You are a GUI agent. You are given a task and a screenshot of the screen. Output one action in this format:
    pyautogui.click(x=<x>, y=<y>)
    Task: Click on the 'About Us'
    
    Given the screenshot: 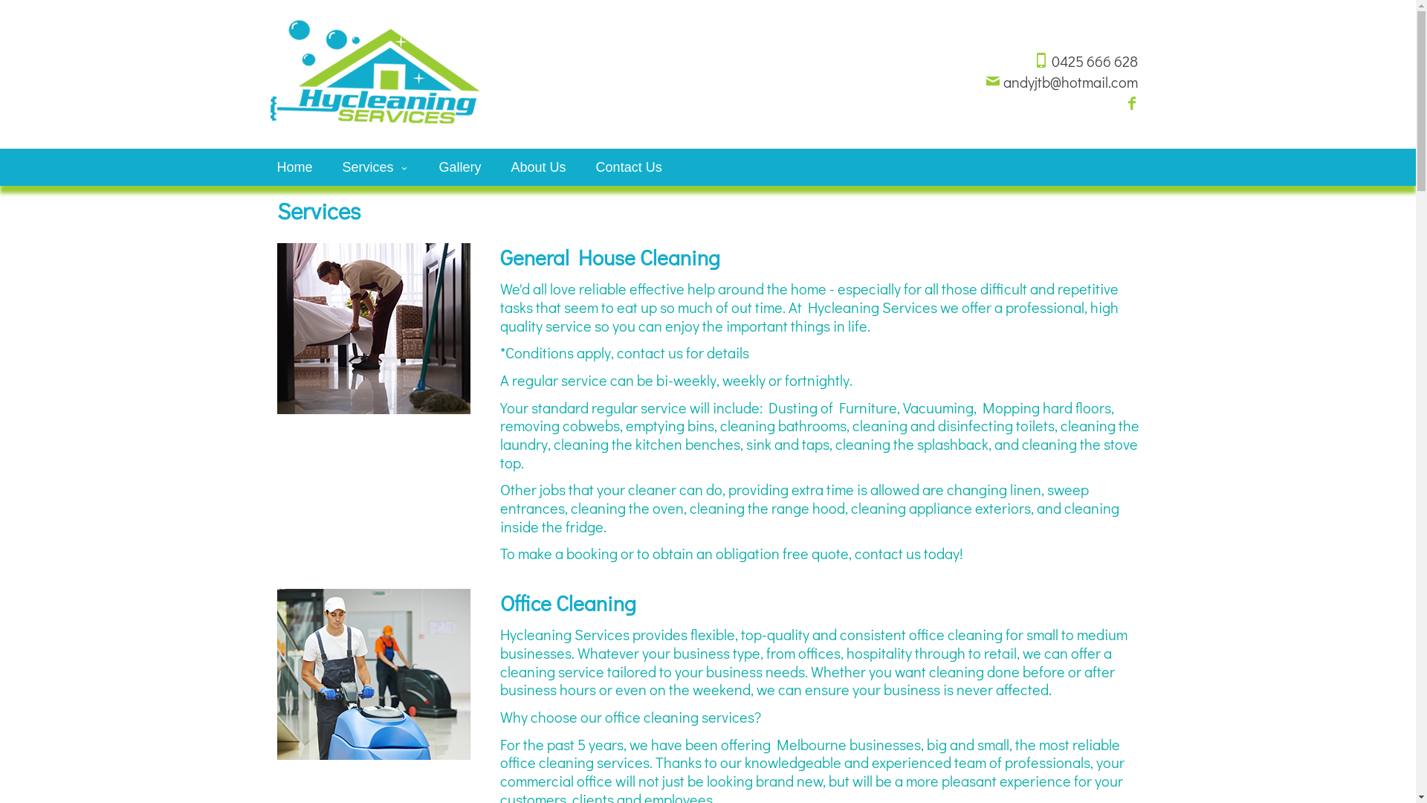 What is the action you would take?
    pyautogui.click(x=537, y=167)
    